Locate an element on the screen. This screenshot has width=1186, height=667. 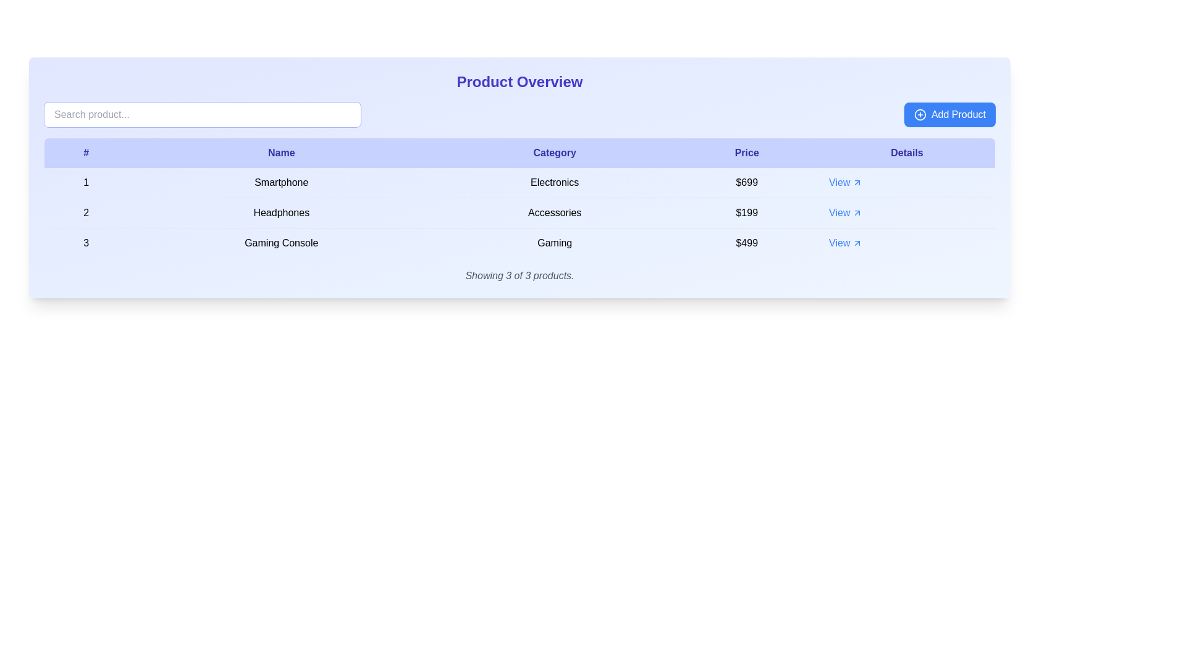
the 'Gaming' text label in the 'Category' column of the third row is located at coordinates (553, 243).